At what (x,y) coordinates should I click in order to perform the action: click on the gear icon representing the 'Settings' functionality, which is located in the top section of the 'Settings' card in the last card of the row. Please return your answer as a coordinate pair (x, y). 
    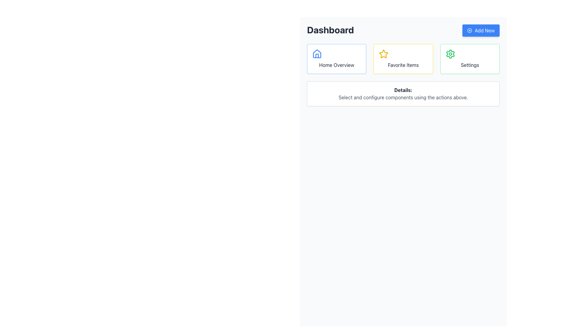
    Looking at the image, I should click on (450, 54).